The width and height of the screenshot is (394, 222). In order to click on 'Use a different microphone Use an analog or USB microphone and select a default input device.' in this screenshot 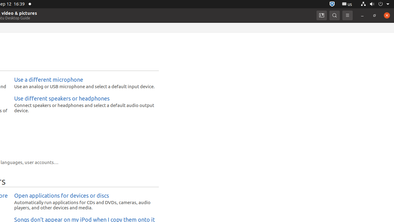, I will do `click(84, 82)`.